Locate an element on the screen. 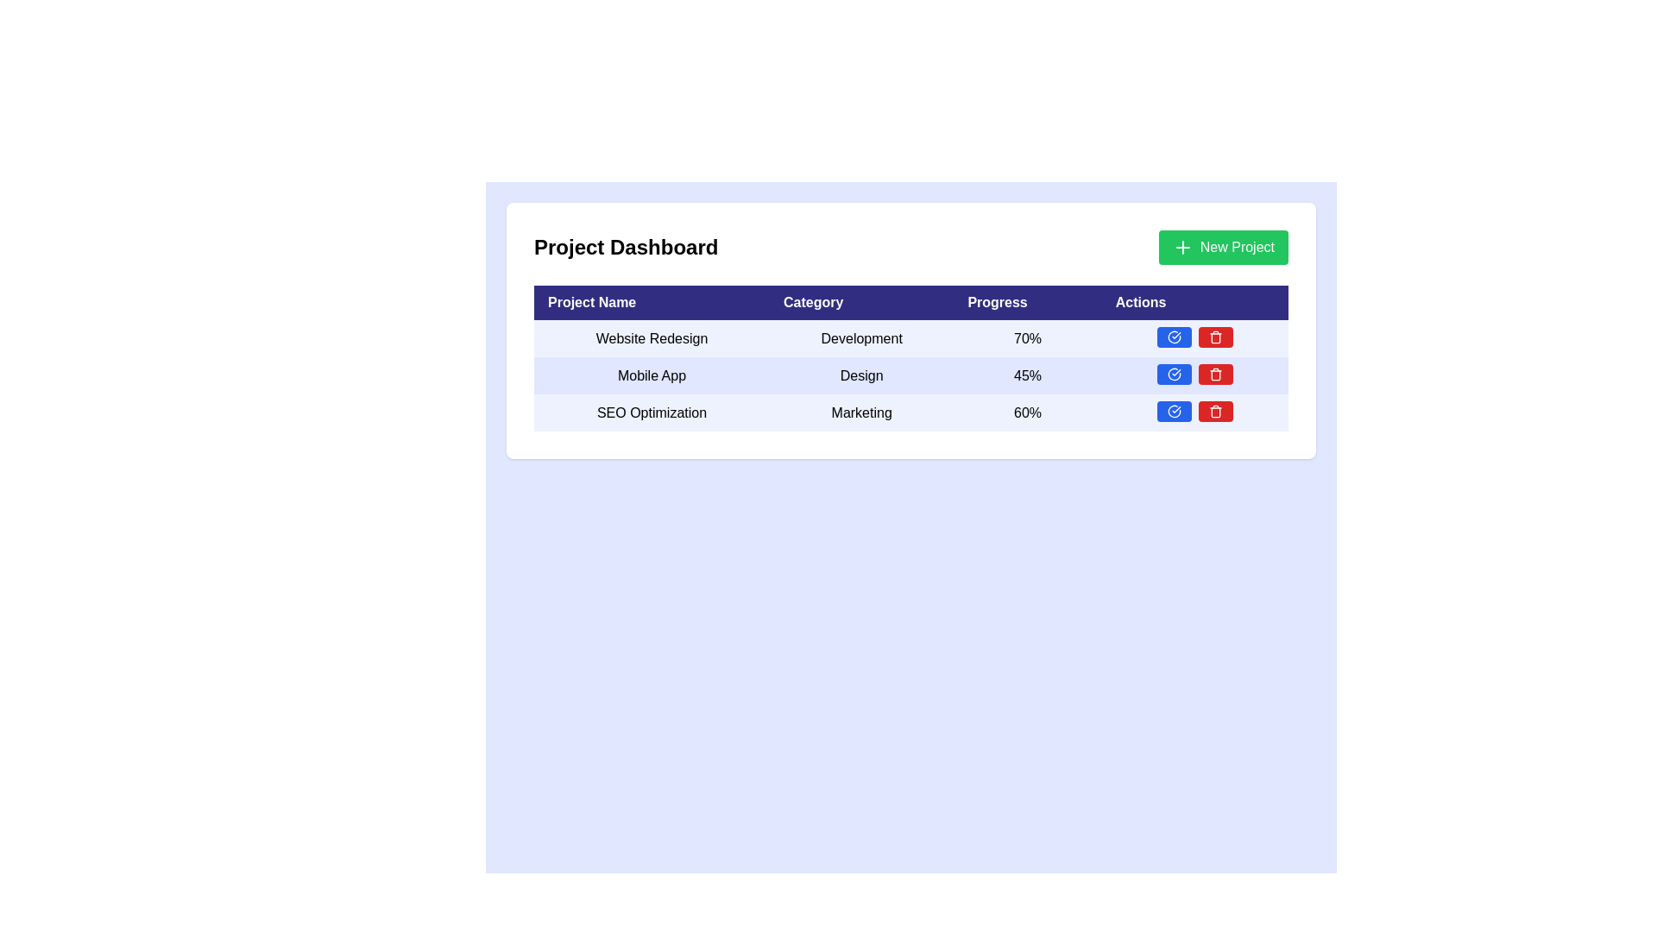 The image size is (1657, 932). the red trashcan icon button in the 'Actions' column for the 'Mobile App' project is located at coordinates (1214, 338).